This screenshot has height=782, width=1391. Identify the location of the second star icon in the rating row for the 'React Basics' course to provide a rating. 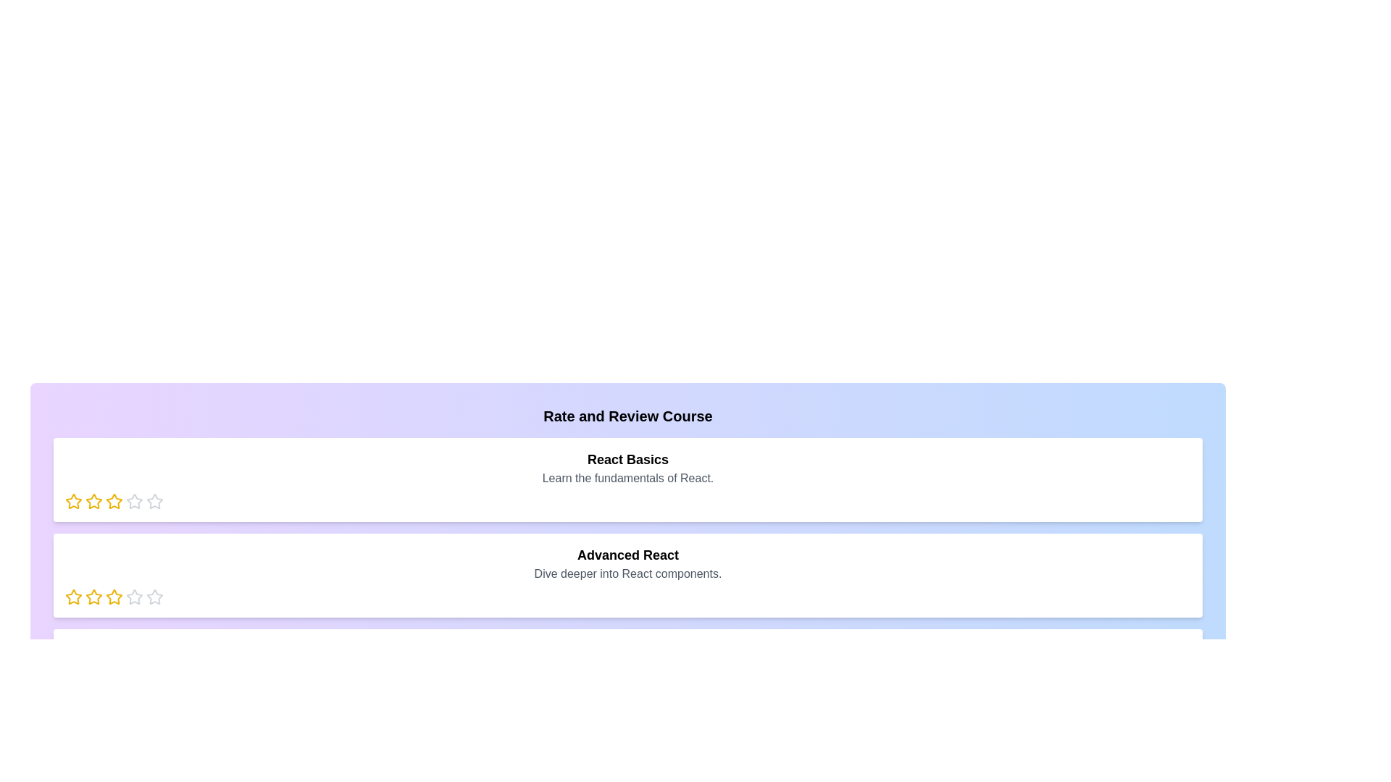
(93, 500).